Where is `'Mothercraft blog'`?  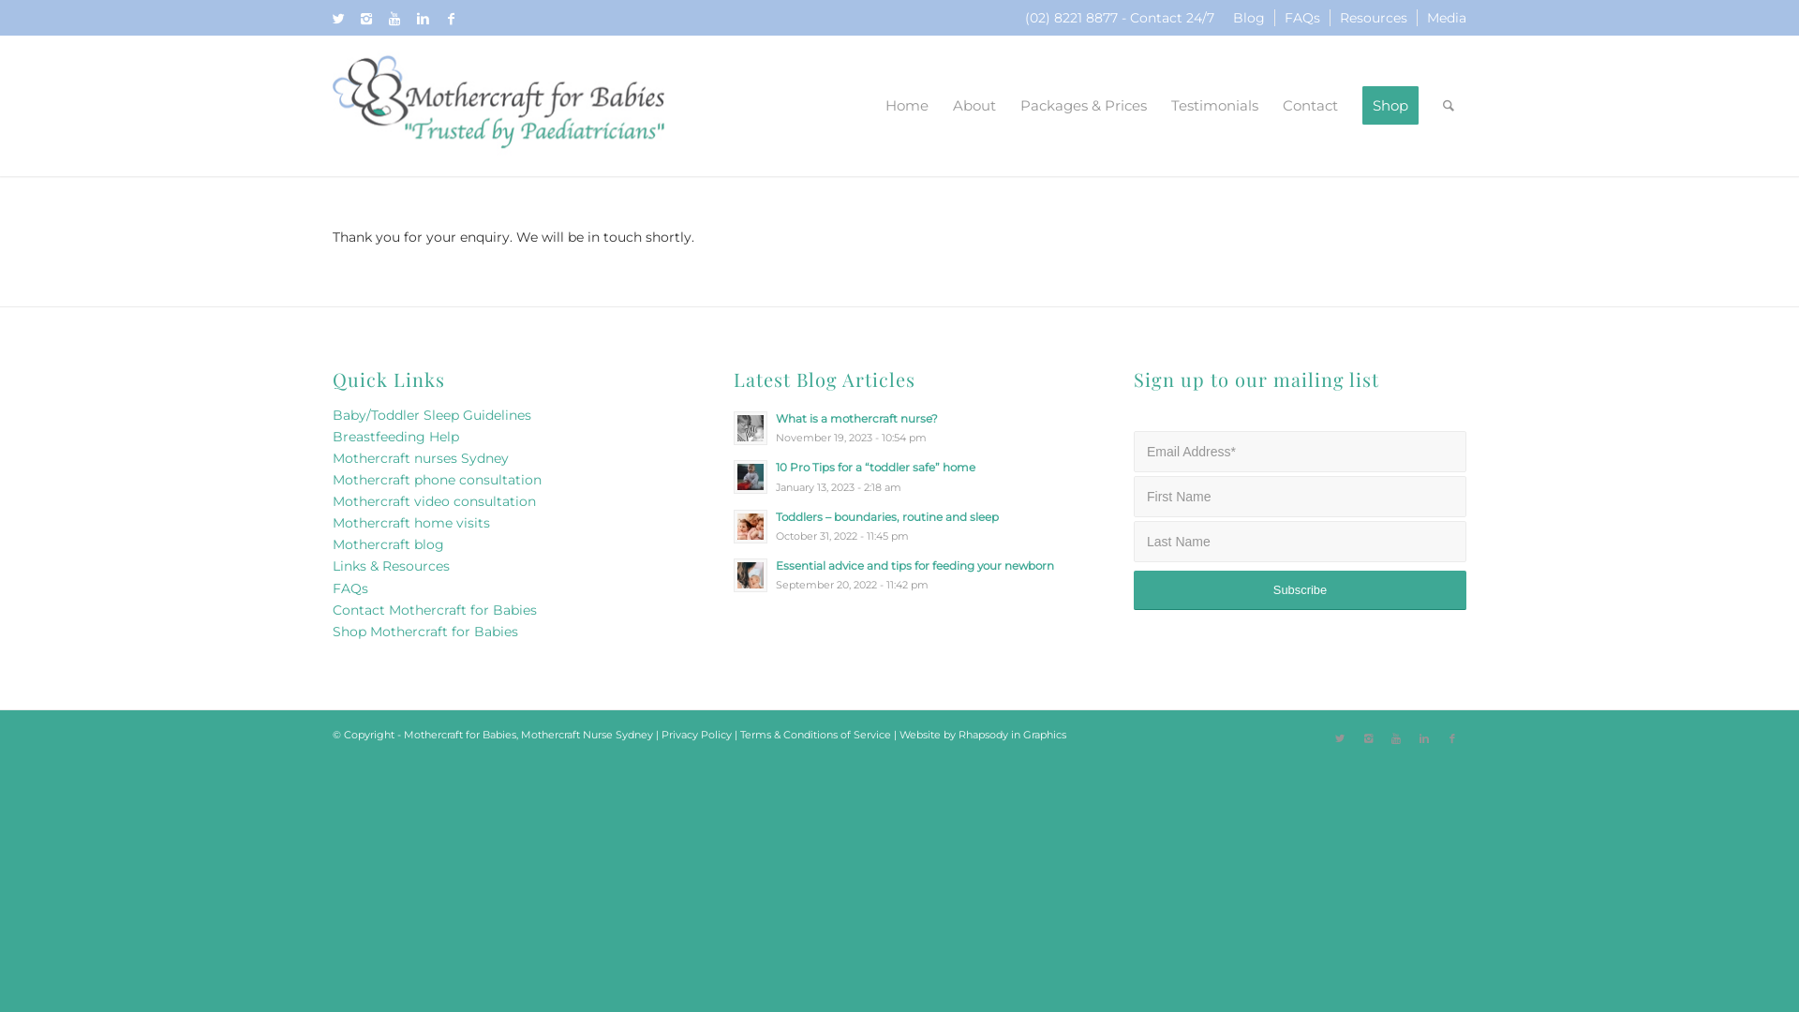
'Mothercraft blog' is located at coordinates (387, 544).